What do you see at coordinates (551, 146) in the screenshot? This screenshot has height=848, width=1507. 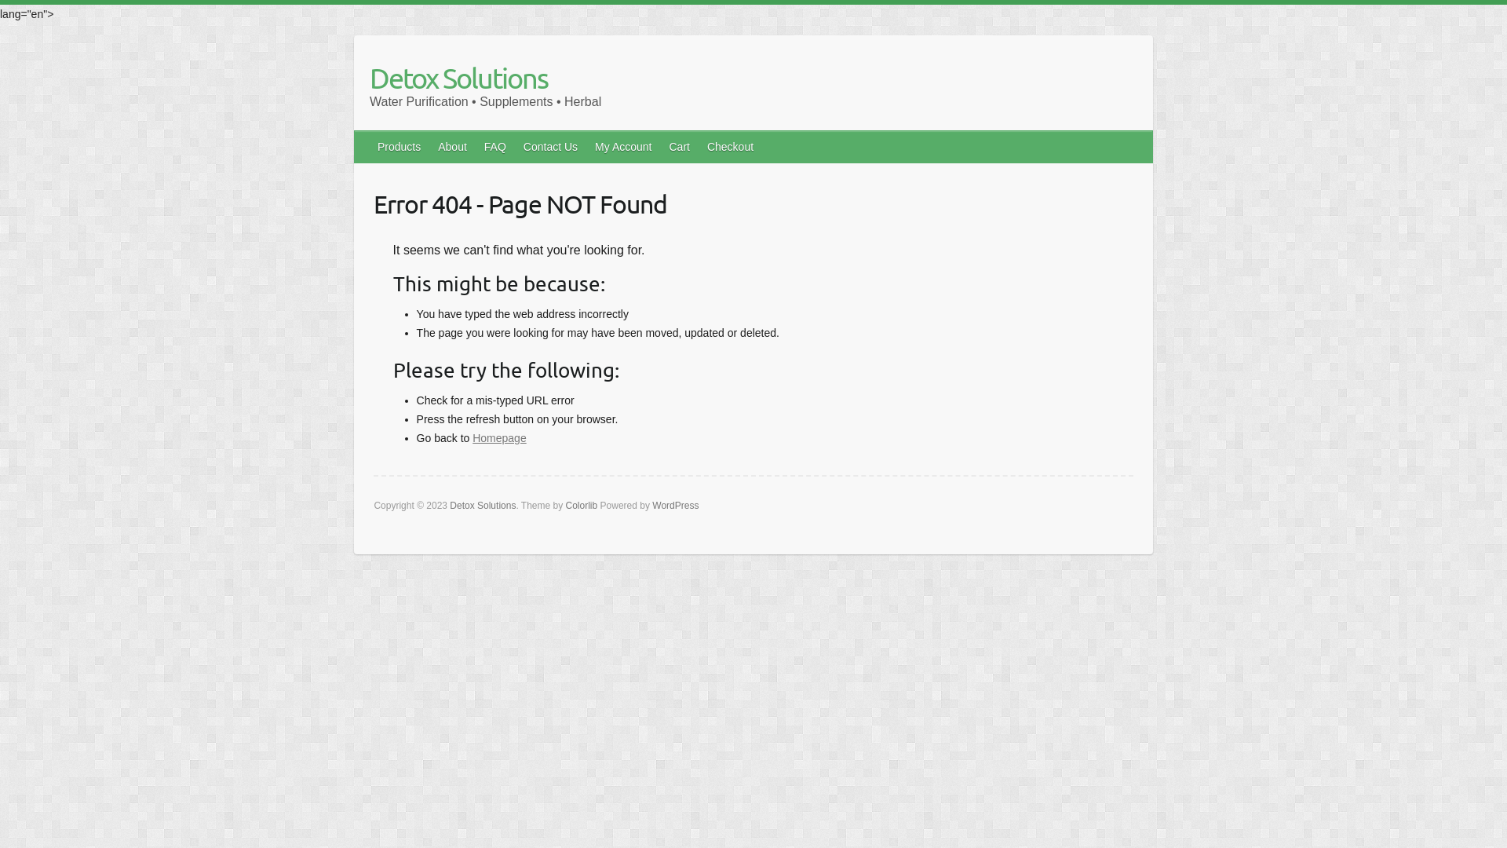 I see `'Contact Us'` at bounding box center [551, 146].